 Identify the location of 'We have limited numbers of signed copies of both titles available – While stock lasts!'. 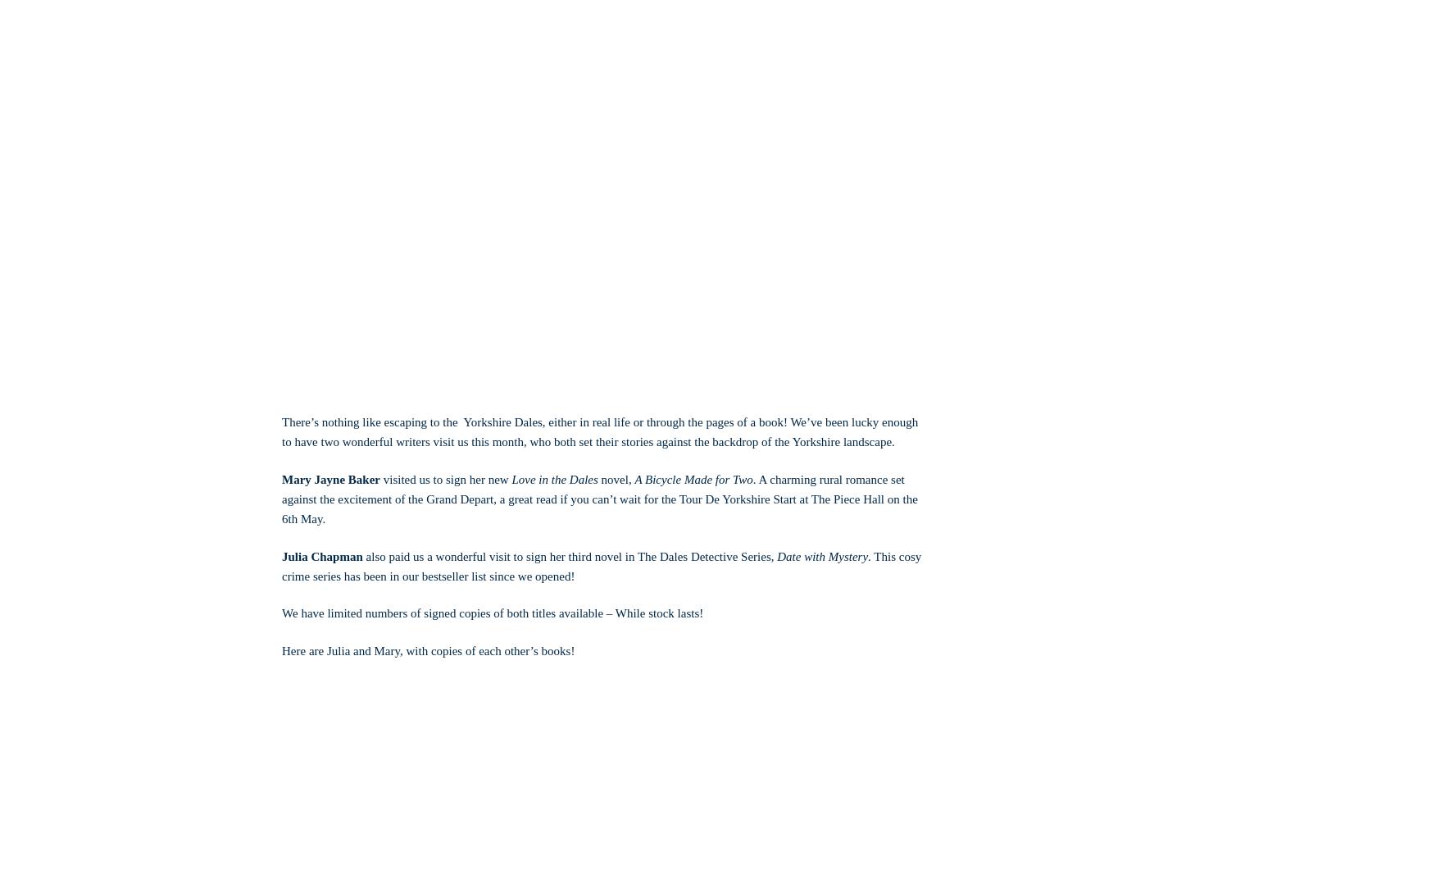
(492, 613).